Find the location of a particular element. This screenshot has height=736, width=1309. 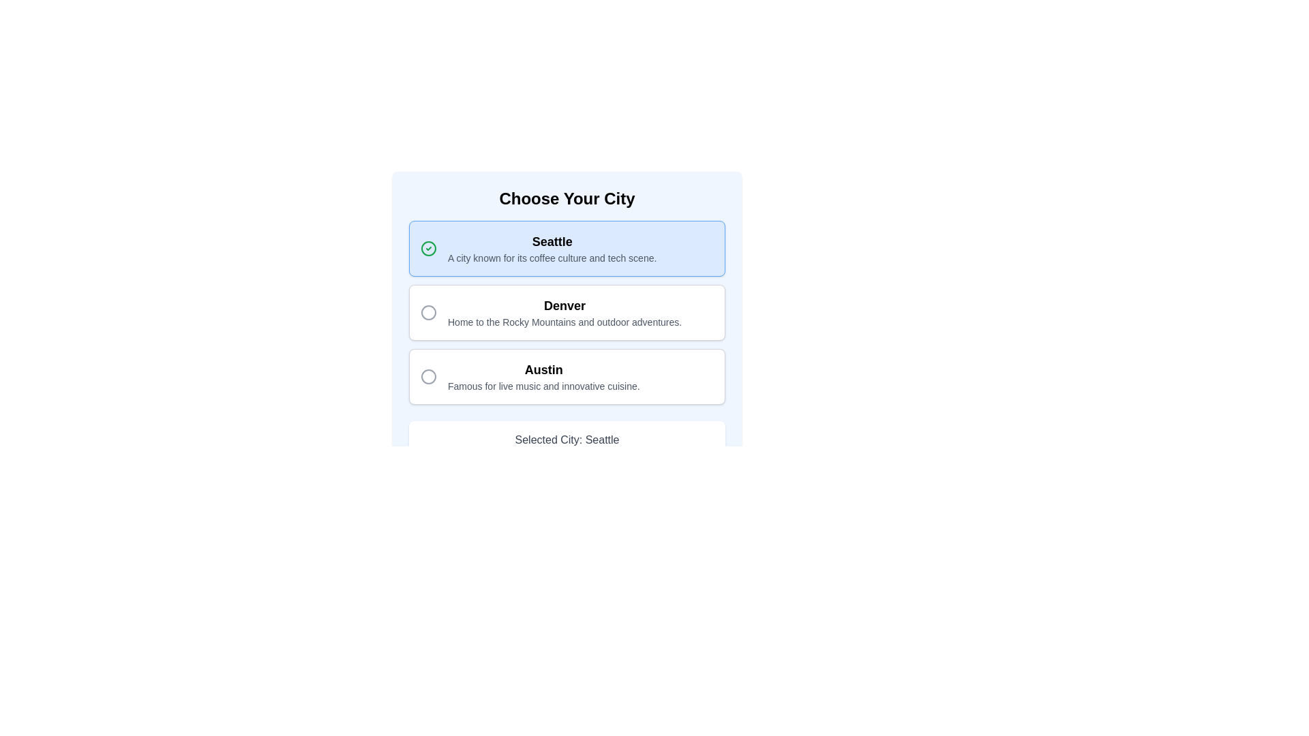

SVG circle element that serves as a visual indicator for selection confirmation next to the label 'Seattle' is located at coordinates (427, 249).